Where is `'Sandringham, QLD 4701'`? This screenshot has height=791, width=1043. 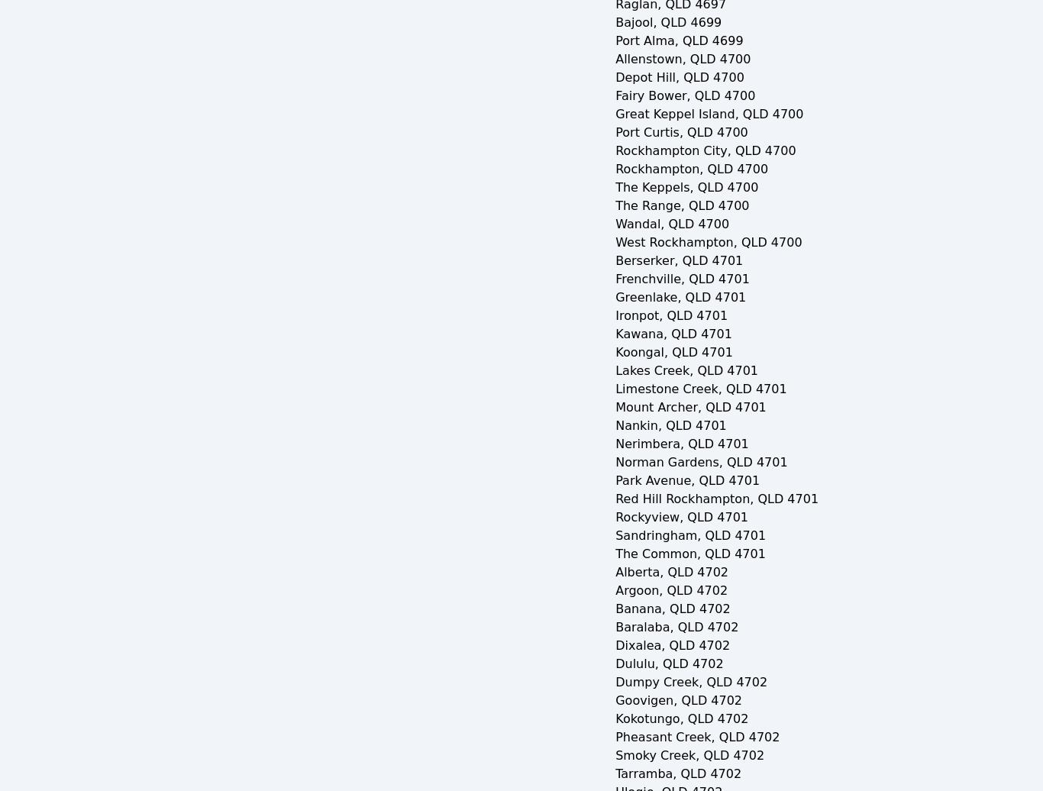 'Sandringham, QLD 4701' is located at coordinates (689, 535).